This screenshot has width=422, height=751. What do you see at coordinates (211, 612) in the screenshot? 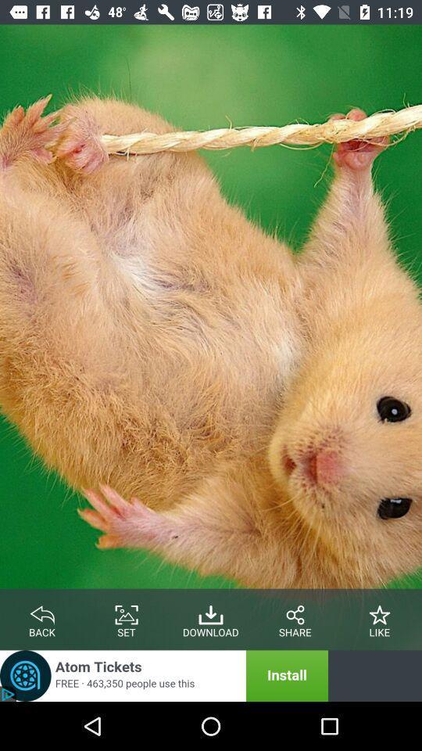
I see `download option` at bounding box center [211, 612].